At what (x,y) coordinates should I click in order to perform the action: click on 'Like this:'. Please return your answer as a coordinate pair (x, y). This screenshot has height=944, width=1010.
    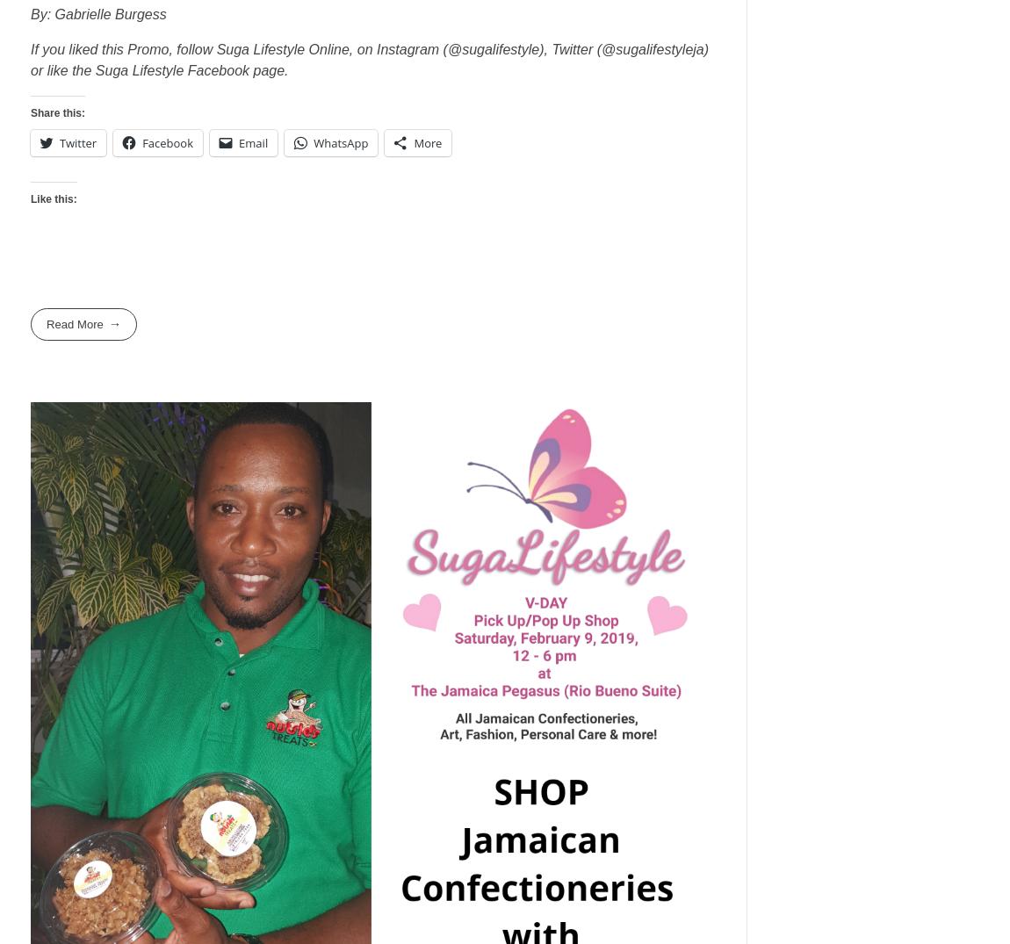
    Looking at the image, I should click on (52, 197).